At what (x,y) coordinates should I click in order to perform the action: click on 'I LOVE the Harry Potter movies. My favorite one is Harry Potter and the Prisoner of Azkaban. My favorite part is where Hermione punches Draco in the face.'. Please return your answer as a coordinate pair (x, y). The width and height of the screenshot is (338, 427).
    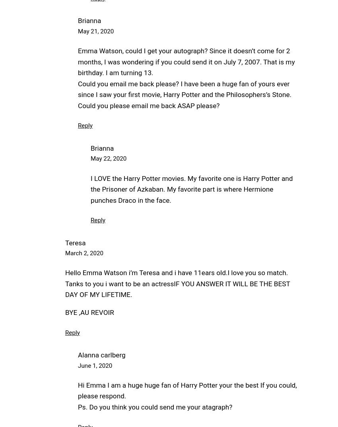
    Looking at the image, I should click on (192, 188).